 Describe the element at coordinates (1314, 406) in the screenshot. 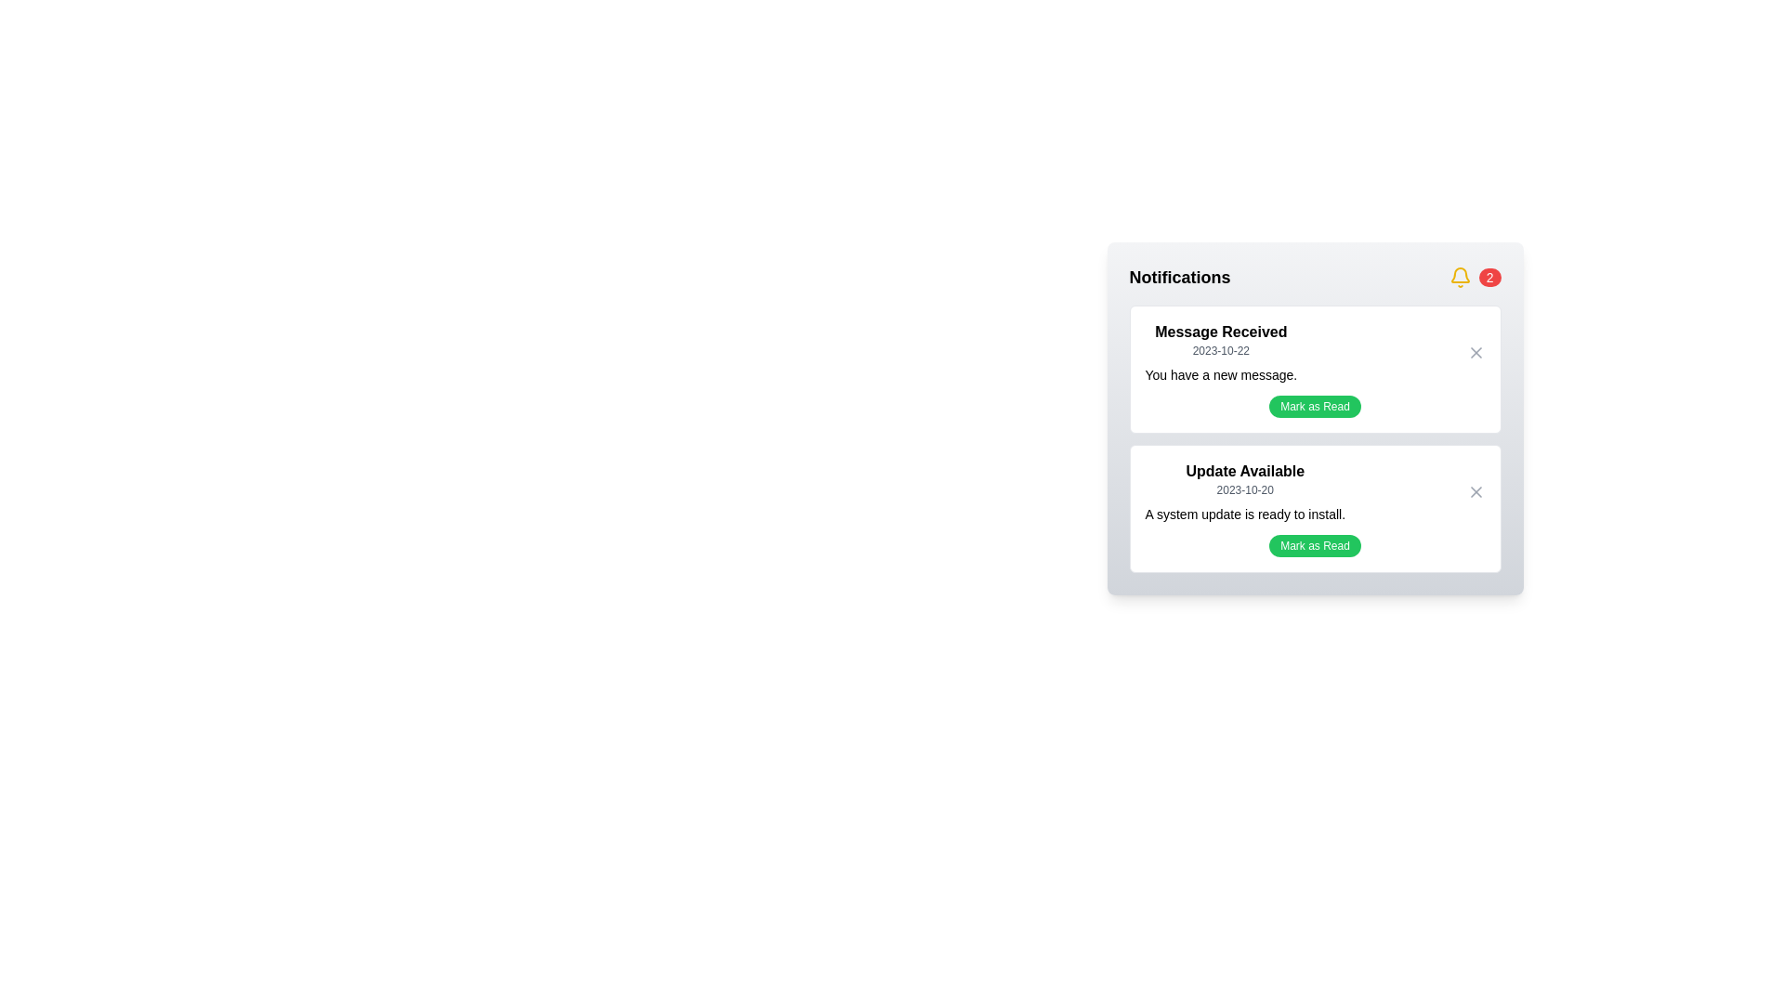

I see `the interactive button located at the bottom of the 'Message Received' notification card to mark the notification as read` at that location.